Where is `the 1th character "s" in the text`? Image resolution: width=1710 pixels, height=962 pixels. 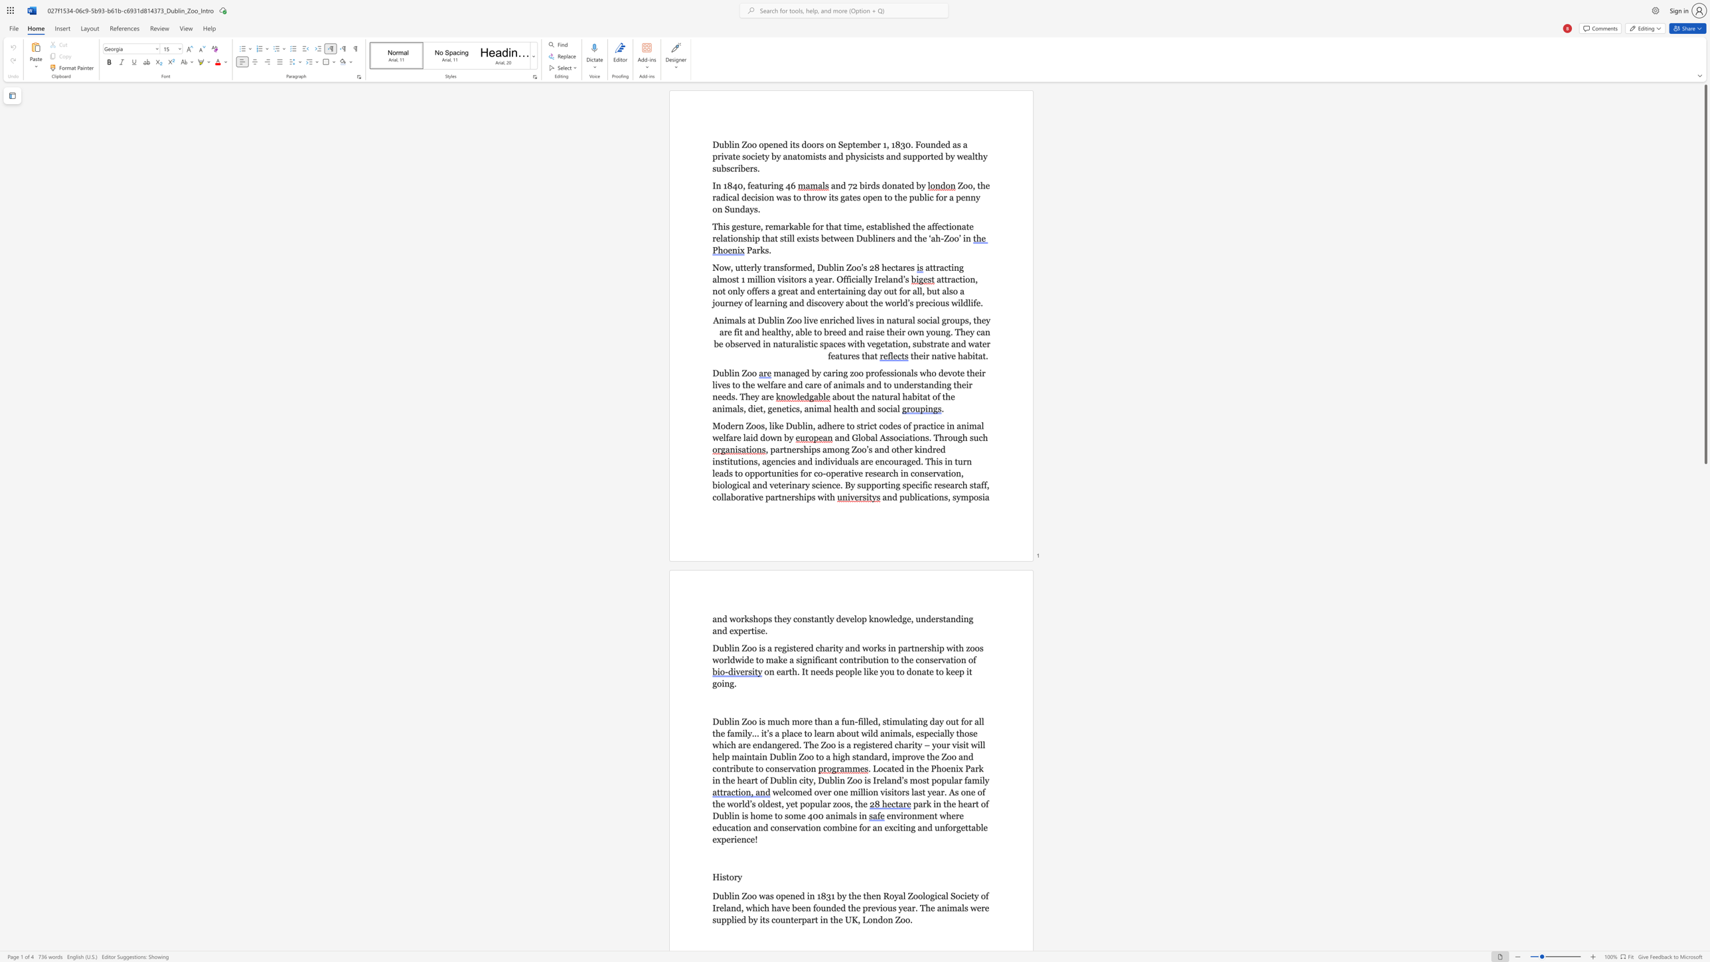
the 1th character "s" in the text is located at coordinates (831, 671).